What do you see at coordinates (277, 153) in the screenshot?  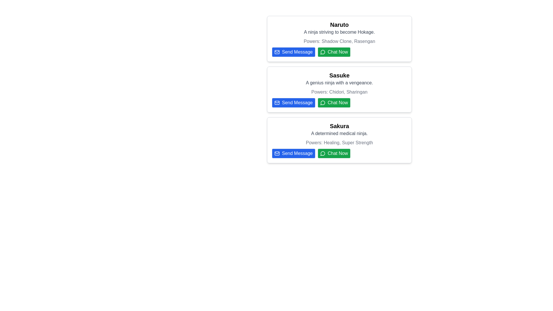 I see `the envelope icon representing email or messaging functionality, which is part of the button group to the left of the 'Send Message' label in the third user card for 'Sakura'` at bounding box center [277, 153].